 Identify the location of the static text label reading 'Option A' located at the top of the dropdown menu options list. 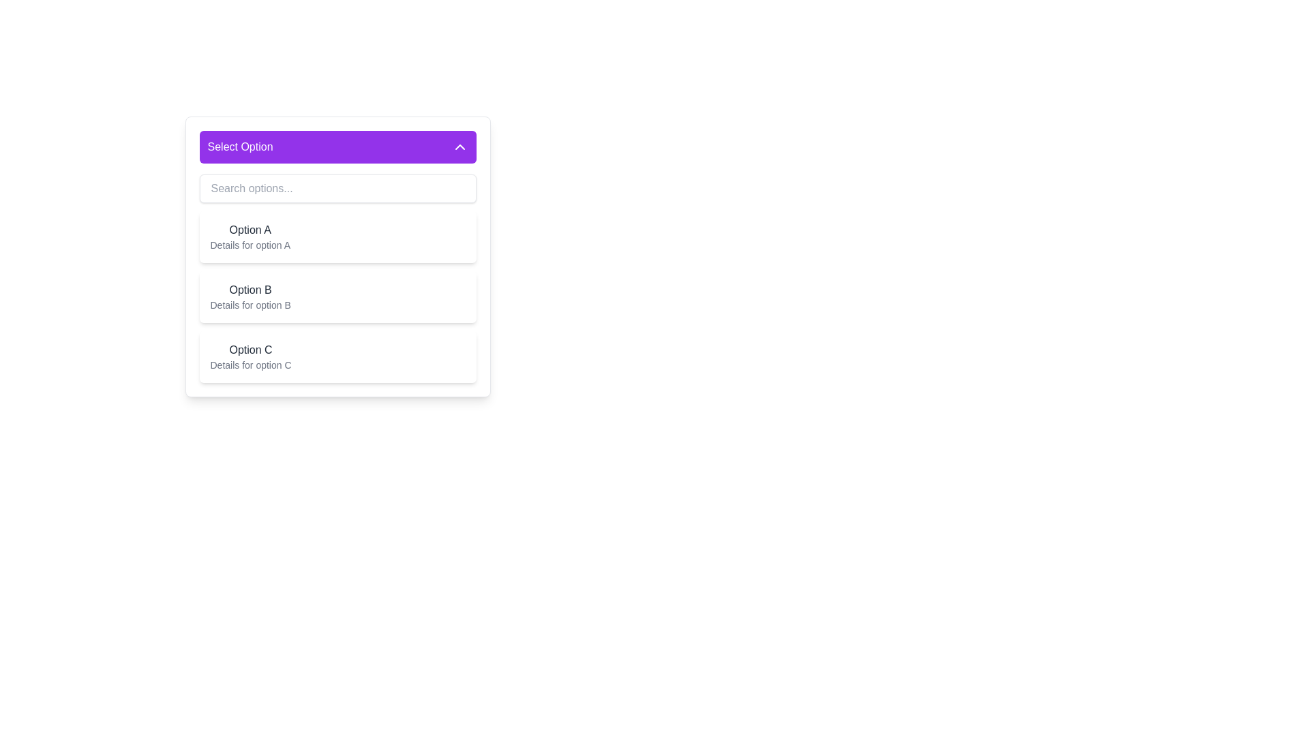
(250, 230).